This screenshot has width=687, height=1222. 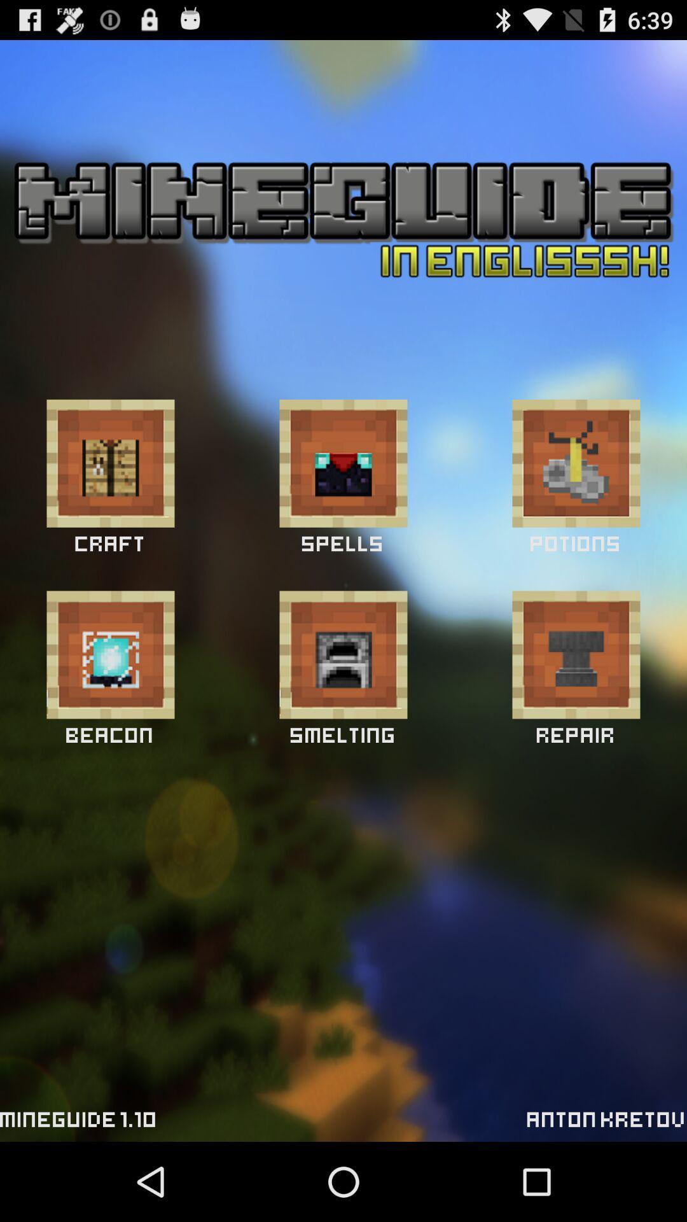 I want to click on repair information, so click(x=576, y=654).